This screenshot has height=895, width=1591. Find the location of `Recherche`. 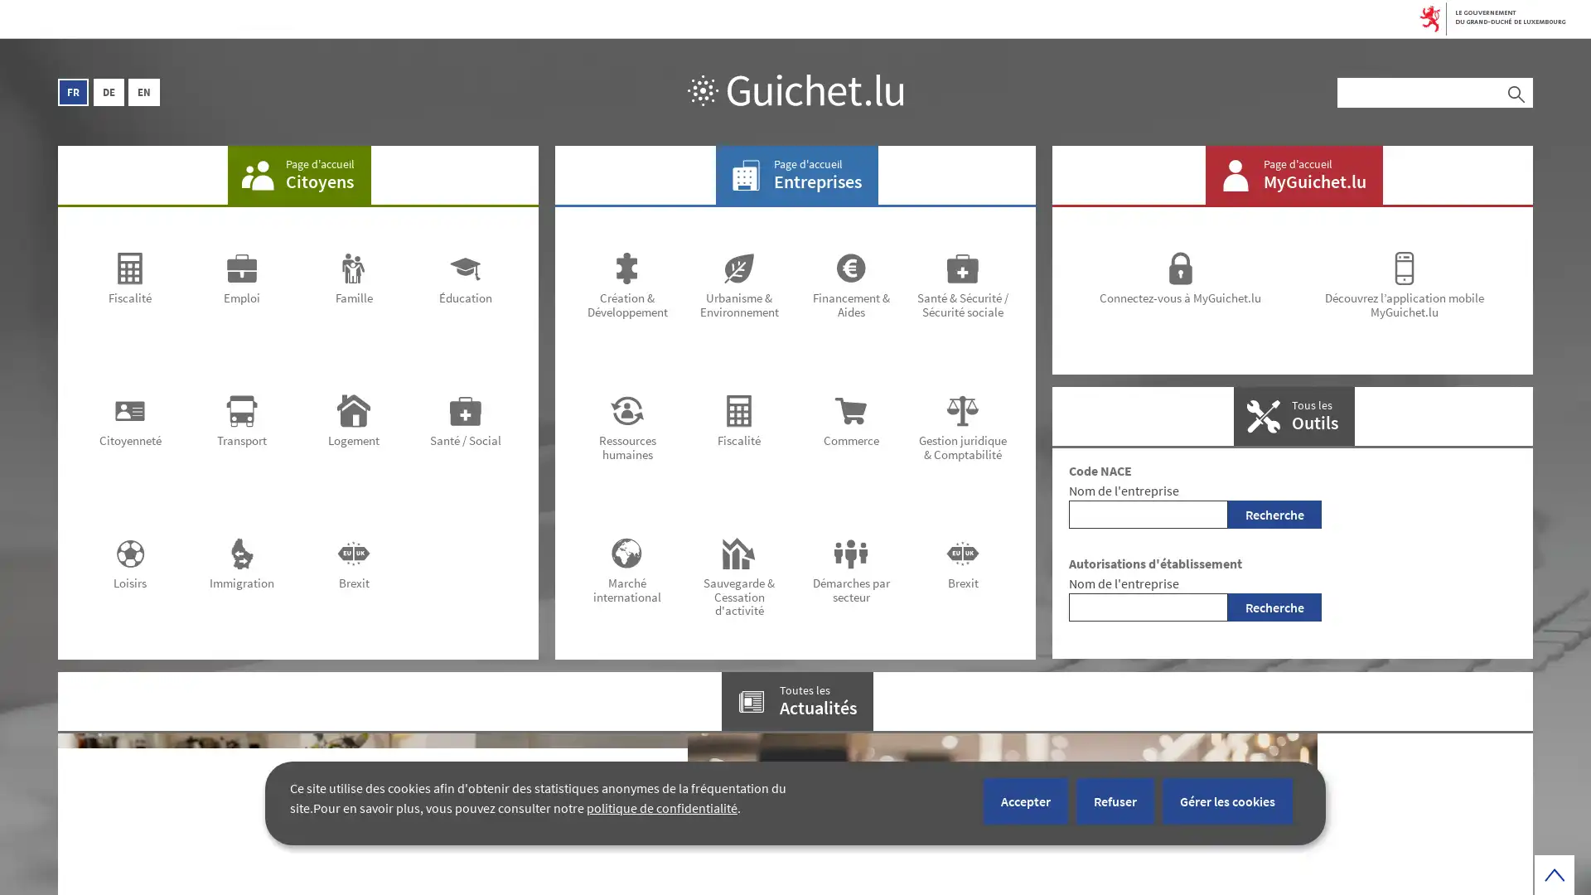

Recherche is located at coordinates (1273, 514).